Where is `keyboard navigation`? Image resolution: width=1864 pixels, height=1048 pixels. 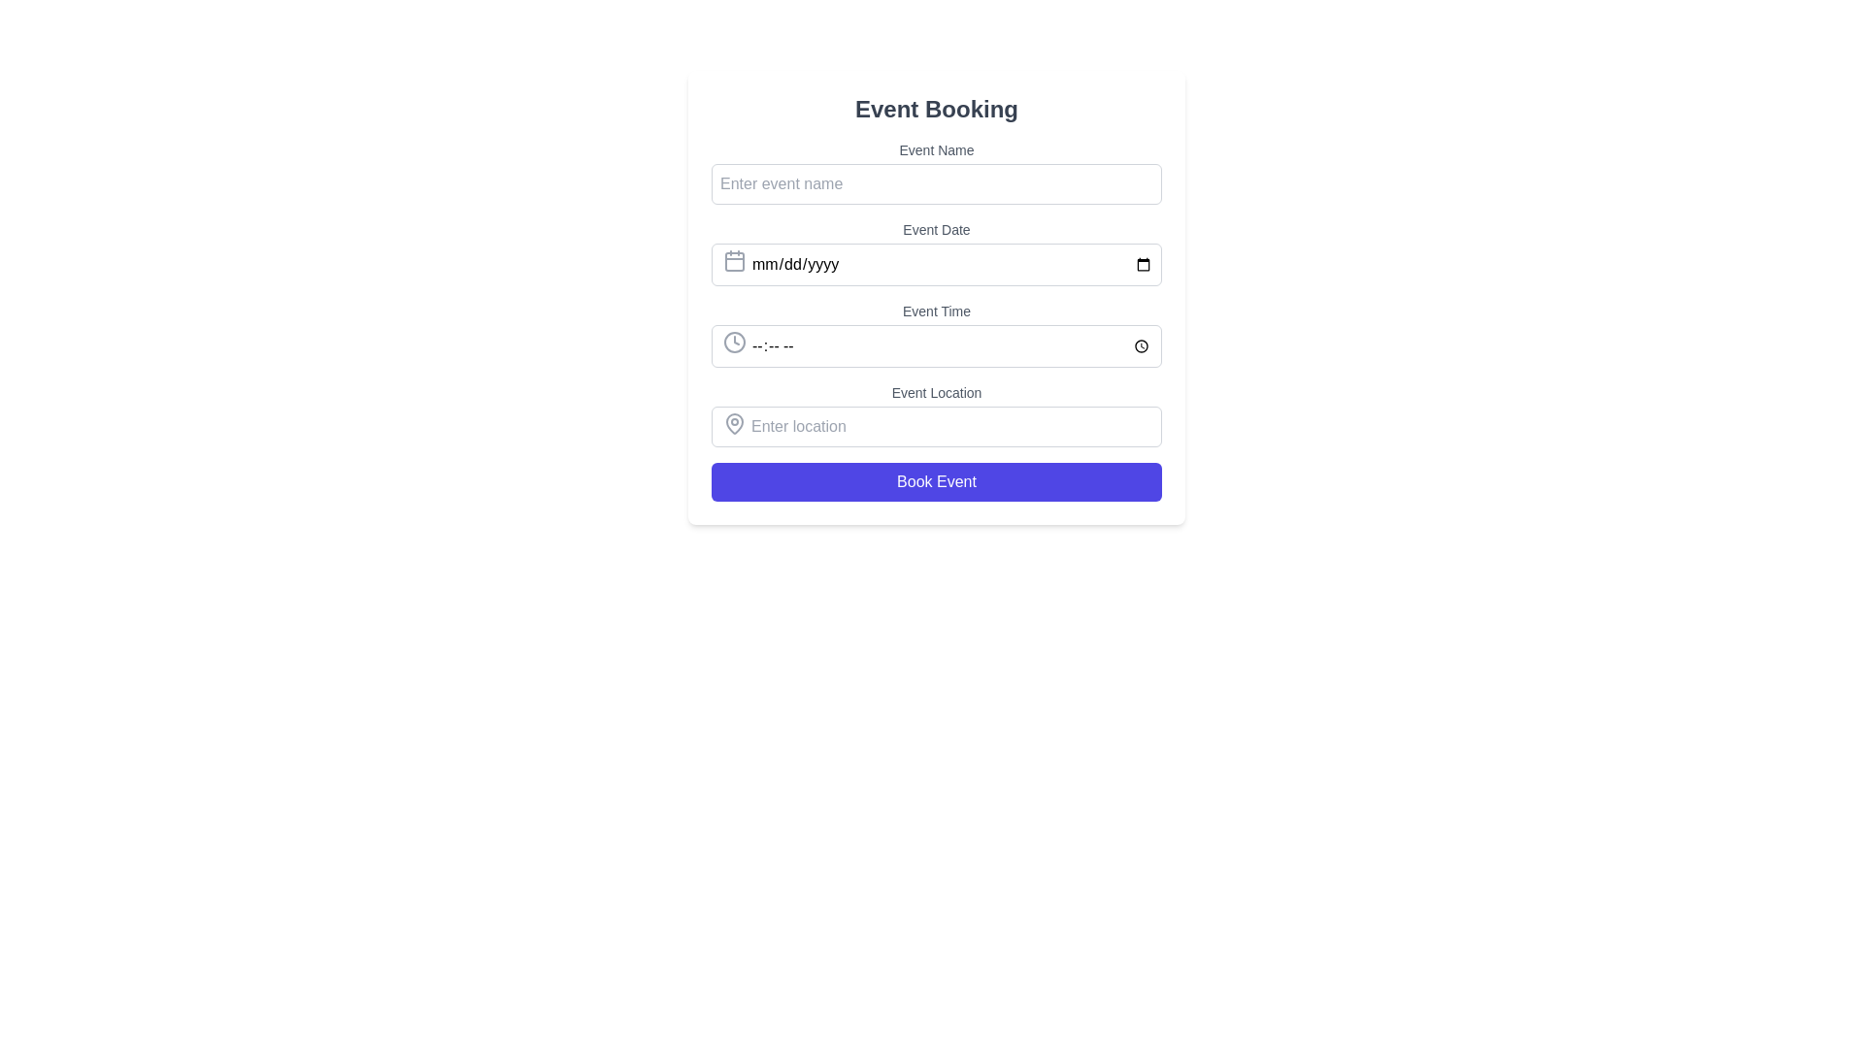 keyboard navigation is located at coordinates (936, 345).